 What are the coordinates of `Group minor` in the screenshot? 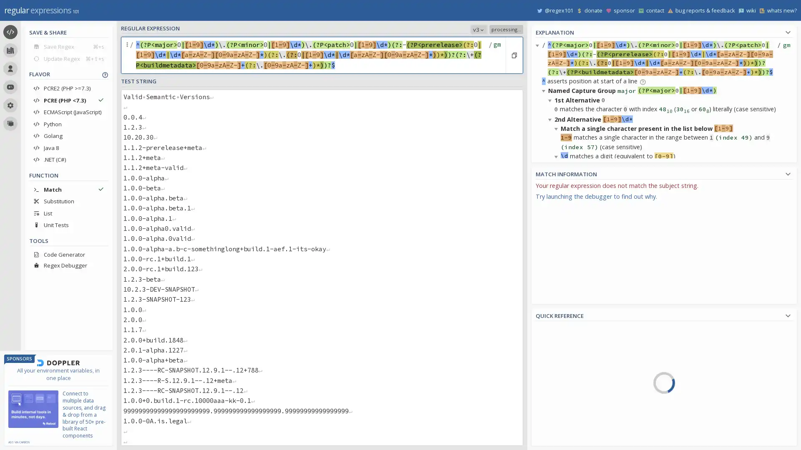 It's located at (558, 358).